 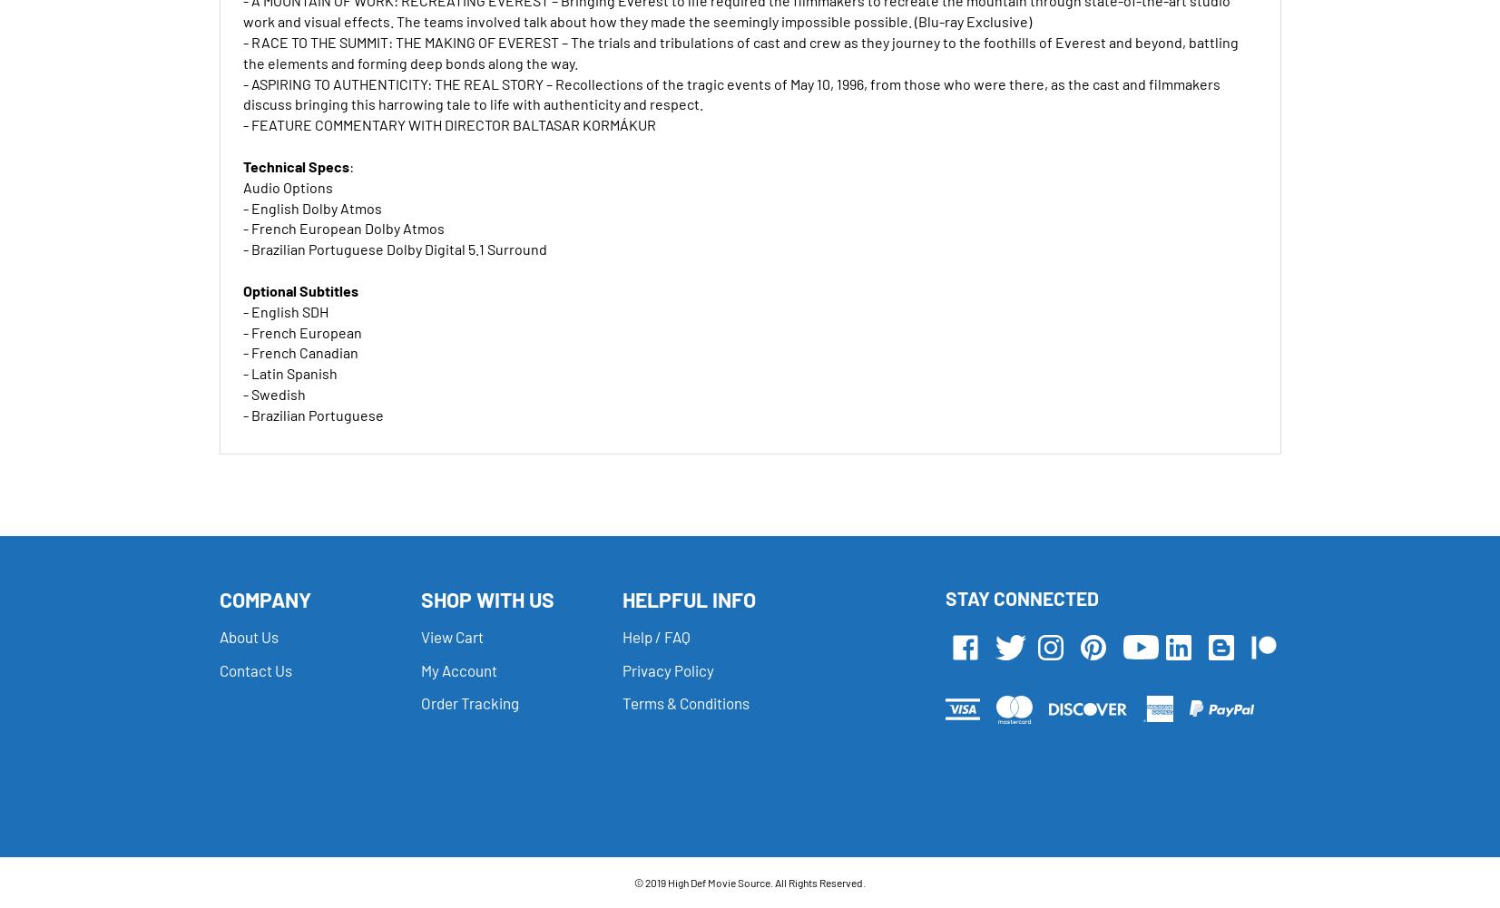 What do you see at coordinates (272, 394) in the screenshot?
I see `'- Swedish'` at bounding box center [272, 394].